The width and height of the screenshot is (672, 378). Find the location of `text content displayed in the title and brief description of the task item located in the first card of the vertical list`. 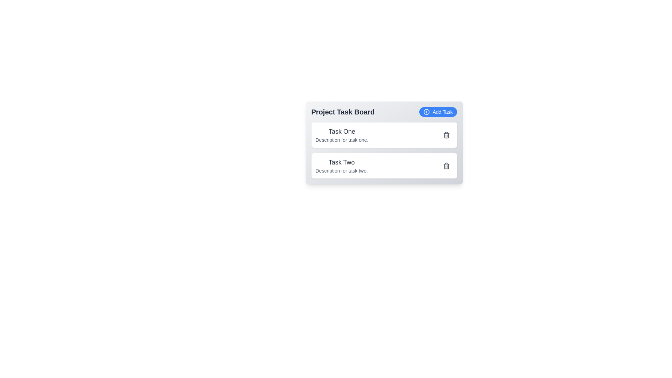

text content displayed in the title and brief description of the task item located in the first card of the vertical list is located at coordinates (342, 135).